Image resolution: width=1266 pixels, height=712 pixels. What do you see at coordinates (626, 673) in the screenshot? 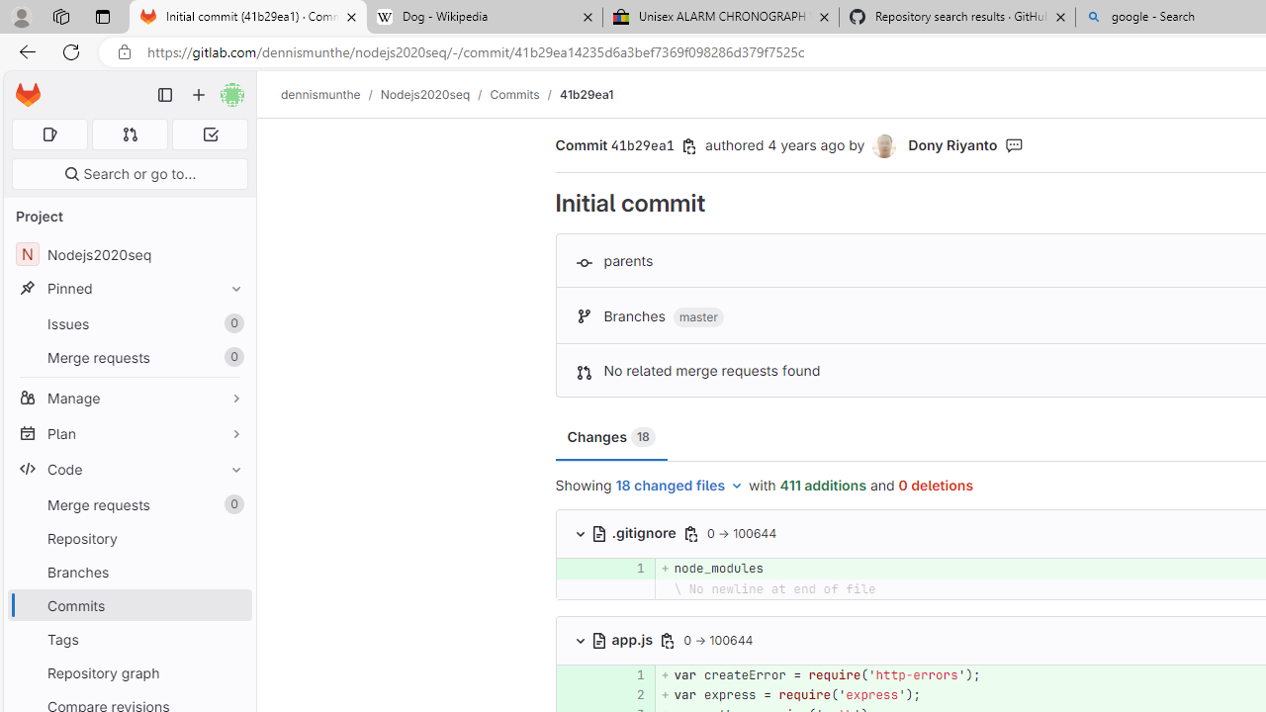
I see `'1'` at bounding box center [626, 673].